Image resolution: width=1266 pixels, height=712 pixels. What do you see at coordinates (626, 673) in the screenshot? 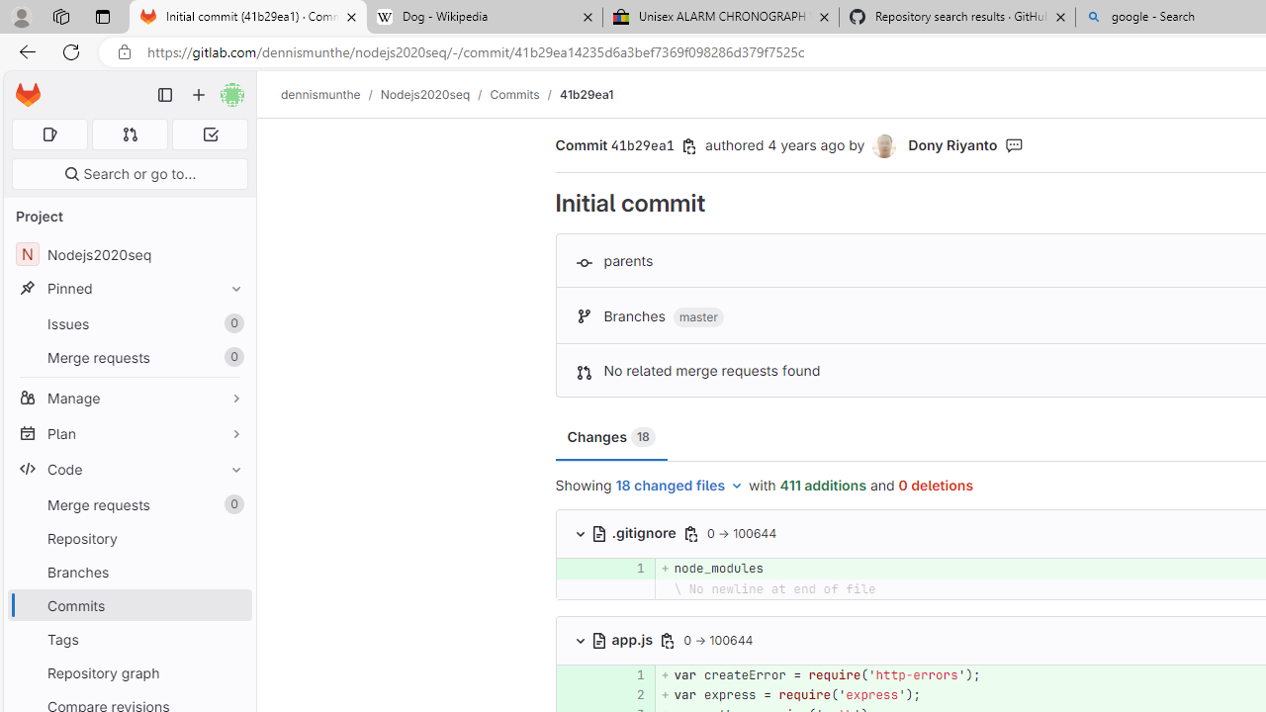
I see `'1'` at bounding box center [626, 673].